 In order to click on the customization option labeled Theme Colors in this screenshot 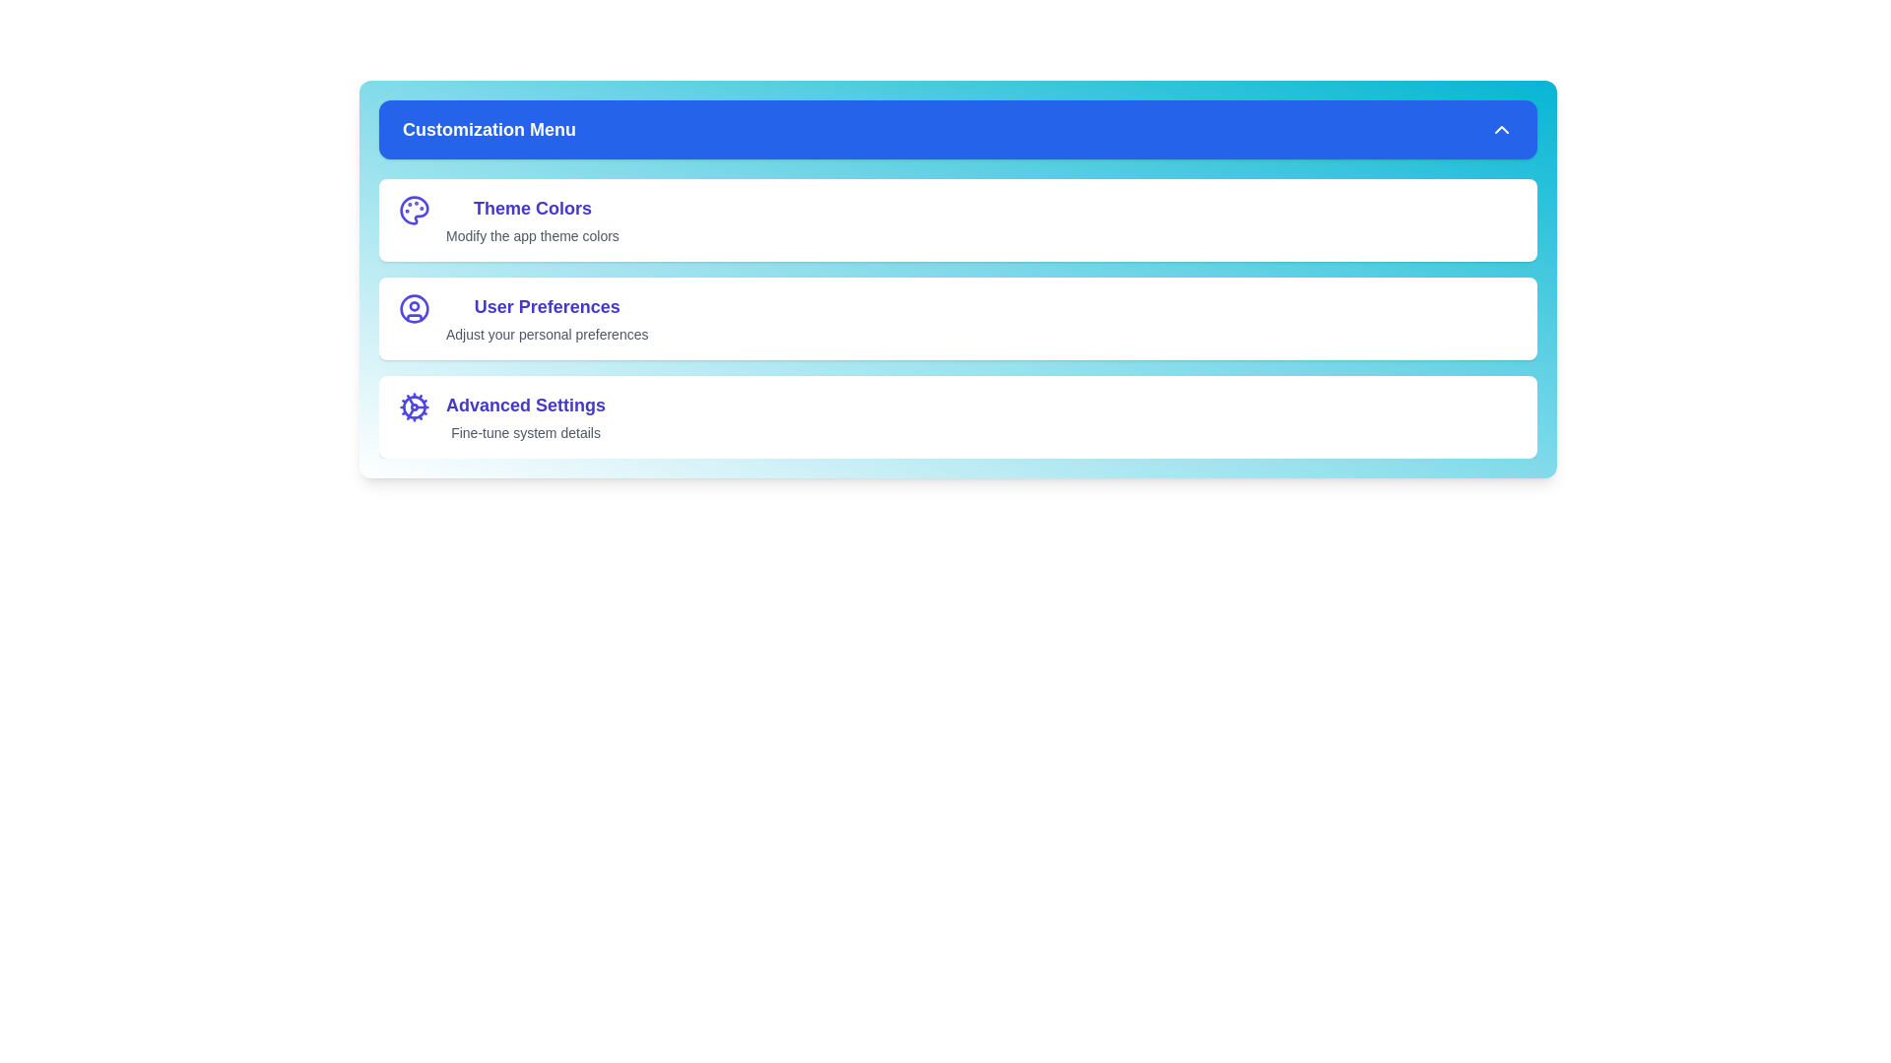, I will do `click(958, 219)`.